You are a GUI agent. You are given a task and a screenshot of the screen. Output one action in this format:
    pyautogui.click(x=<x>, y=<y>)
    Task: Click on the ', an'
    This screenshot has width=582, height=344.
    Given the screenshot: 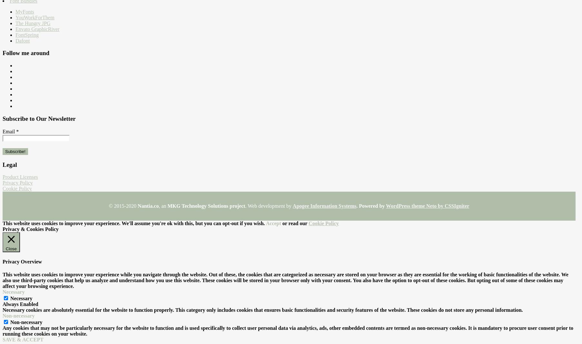 What is the action you would take?
    pyautogui.click(x=163, y=205)
    